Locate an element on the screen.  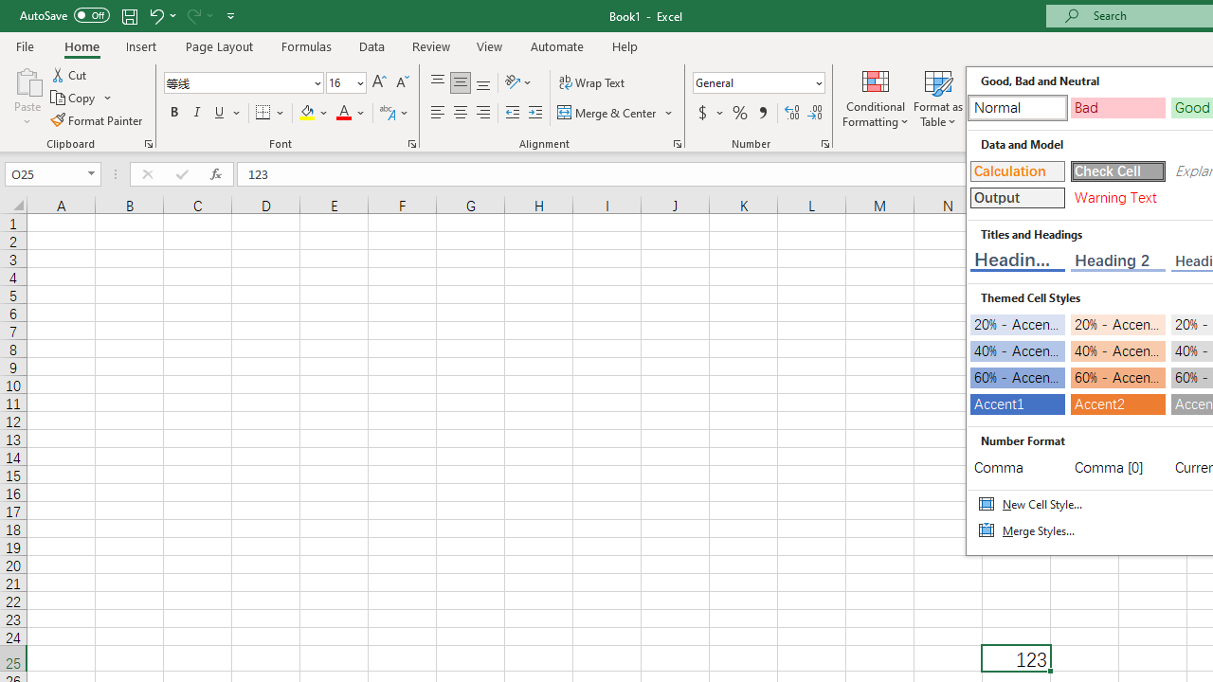
'Underline' is located at coordinates (227, 113).